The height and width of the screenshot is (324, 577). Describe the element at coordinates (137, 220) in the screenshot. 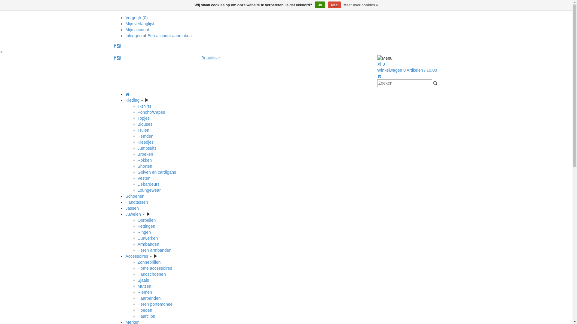

I see `'Oorbellen'` at that location.